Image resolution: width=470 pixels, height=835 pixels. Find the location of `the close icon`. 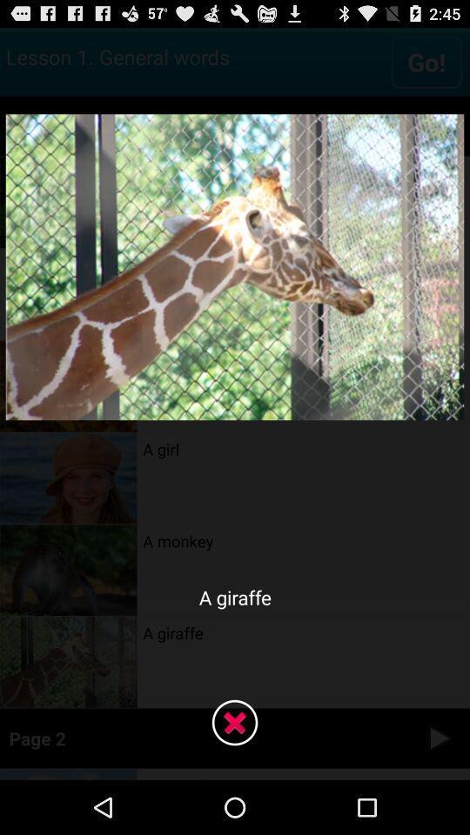

the close icon is located at coordinates (235, 772).